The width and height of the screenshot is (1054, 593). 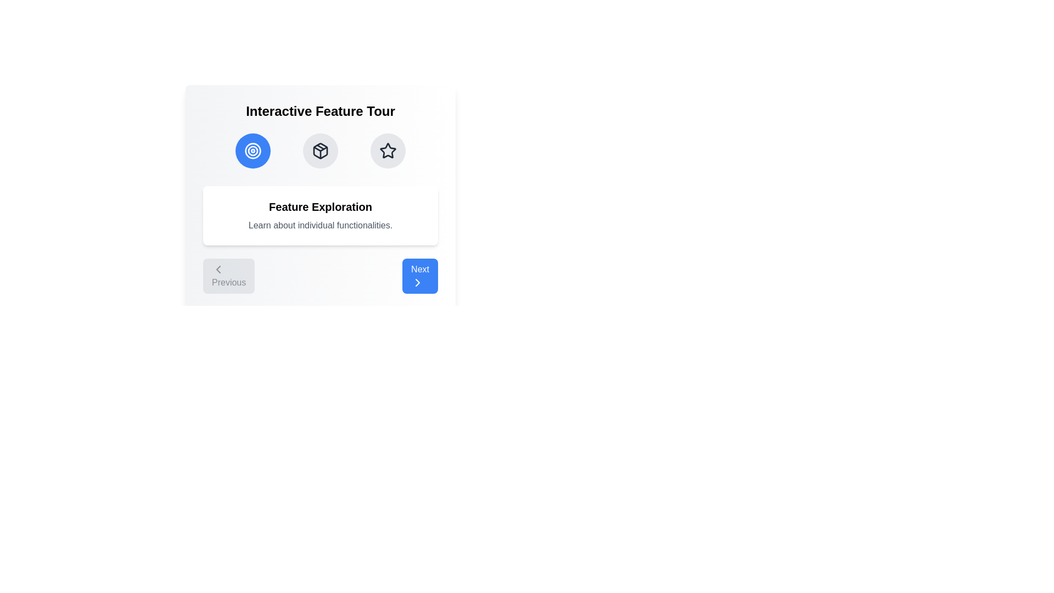 I want to click on the 'Feature Exploration' button located in the middle of a row of three circular buttons, to change its background color to blue, so click(x=320, y=150).